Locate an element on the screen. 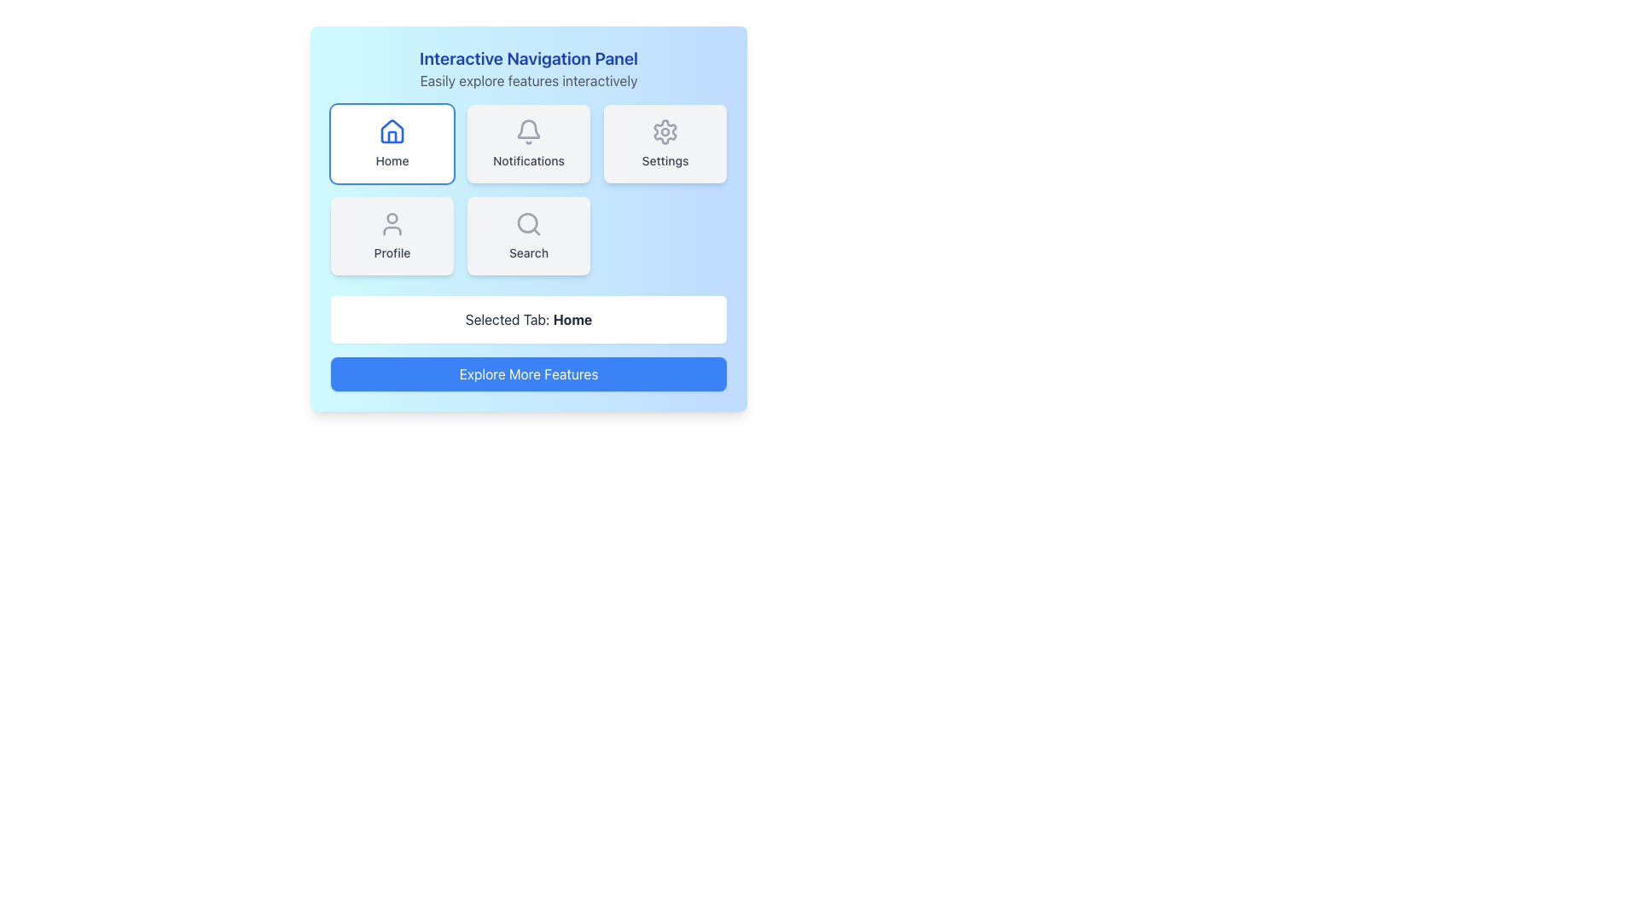 Image resolution: width=1638 pixels, height=921 pixels. the static text label that serves as a descriptive subtitle below the 'Interactive Navigation Panel' title is located at coordinates (527, 81).